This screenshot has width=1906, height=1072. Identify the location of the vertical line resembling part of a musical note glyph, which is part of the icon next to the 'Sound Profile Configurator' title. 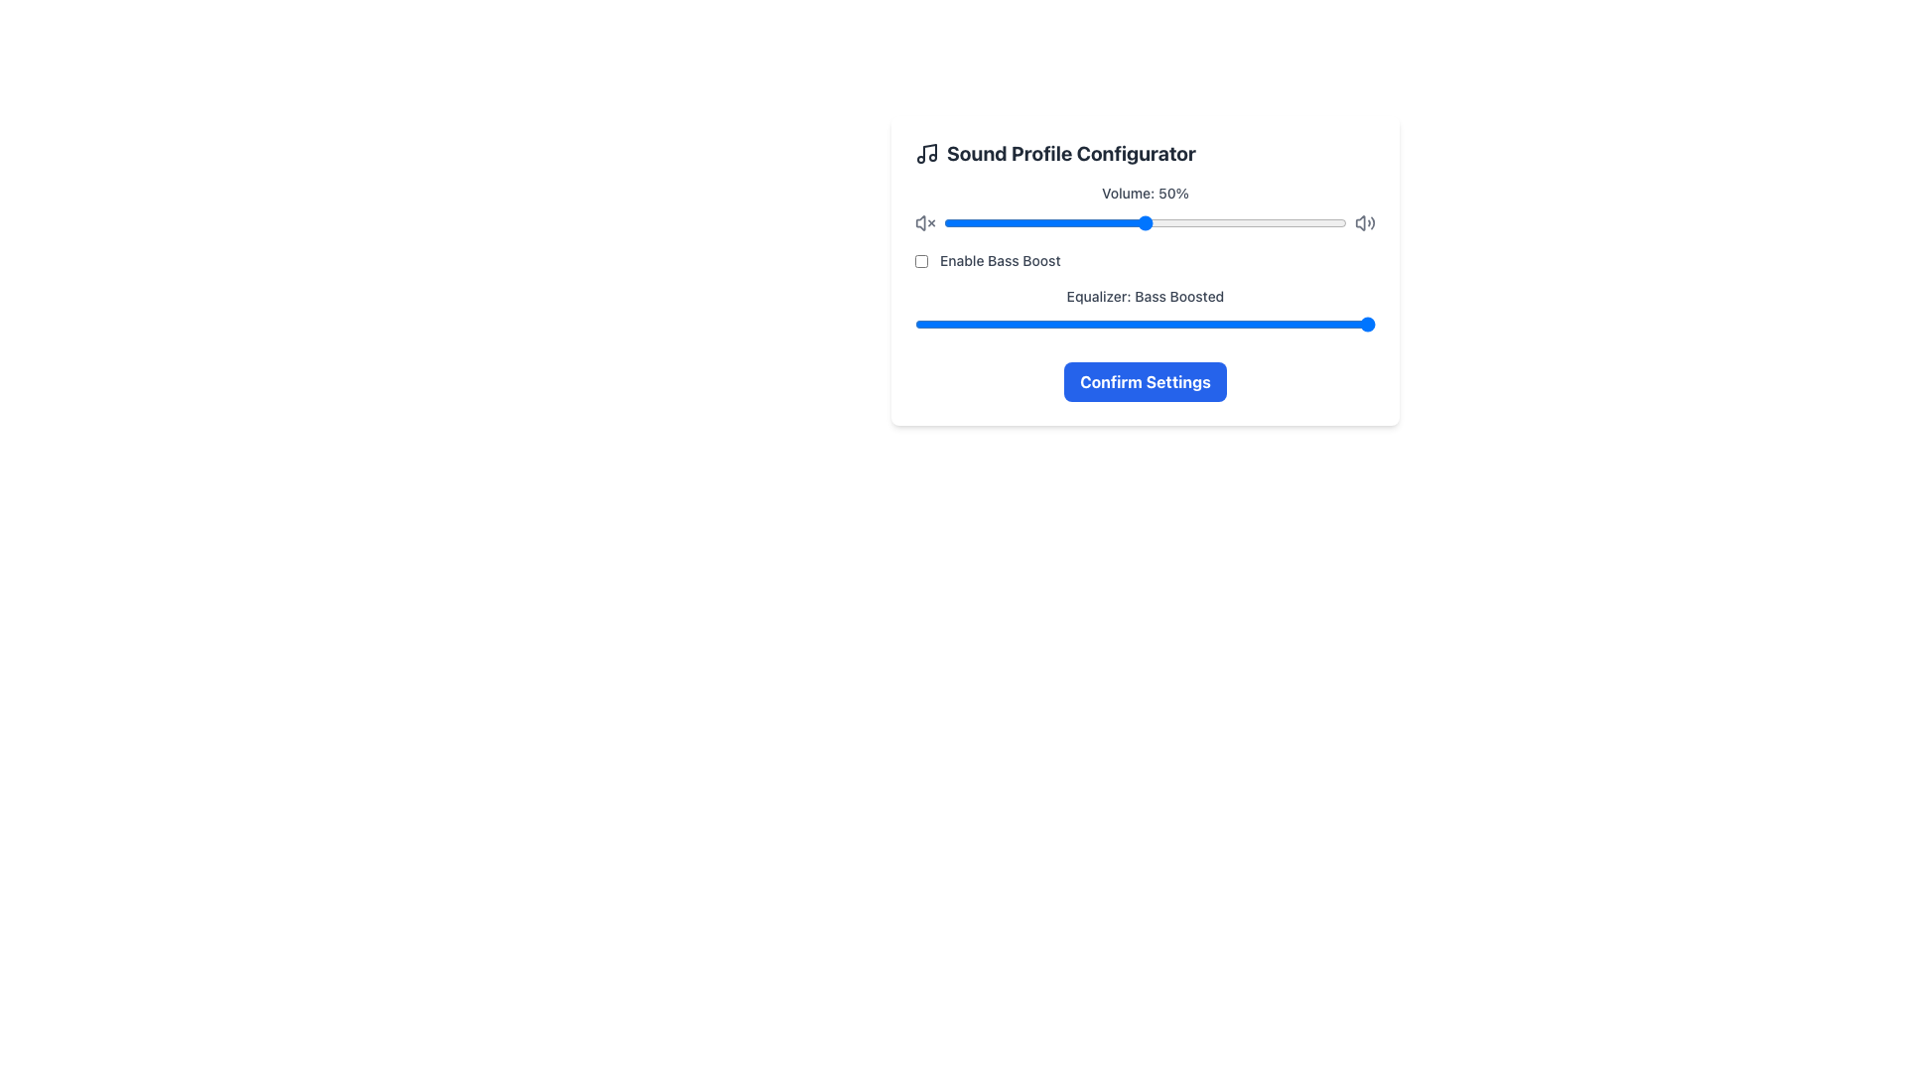
(928, 151).